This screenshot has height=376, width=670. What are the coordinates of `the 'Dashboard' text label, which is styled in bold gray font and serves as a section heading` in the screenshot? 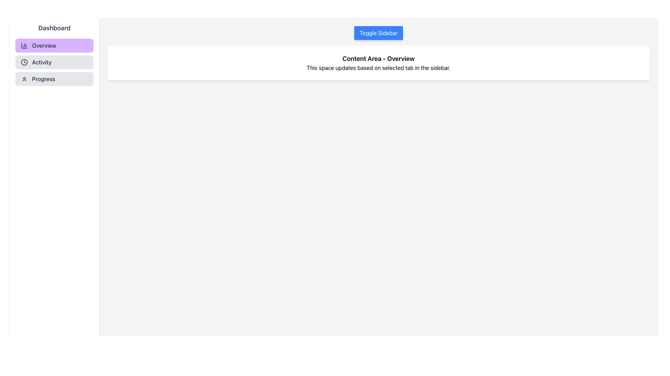 It's located at (54, 28).